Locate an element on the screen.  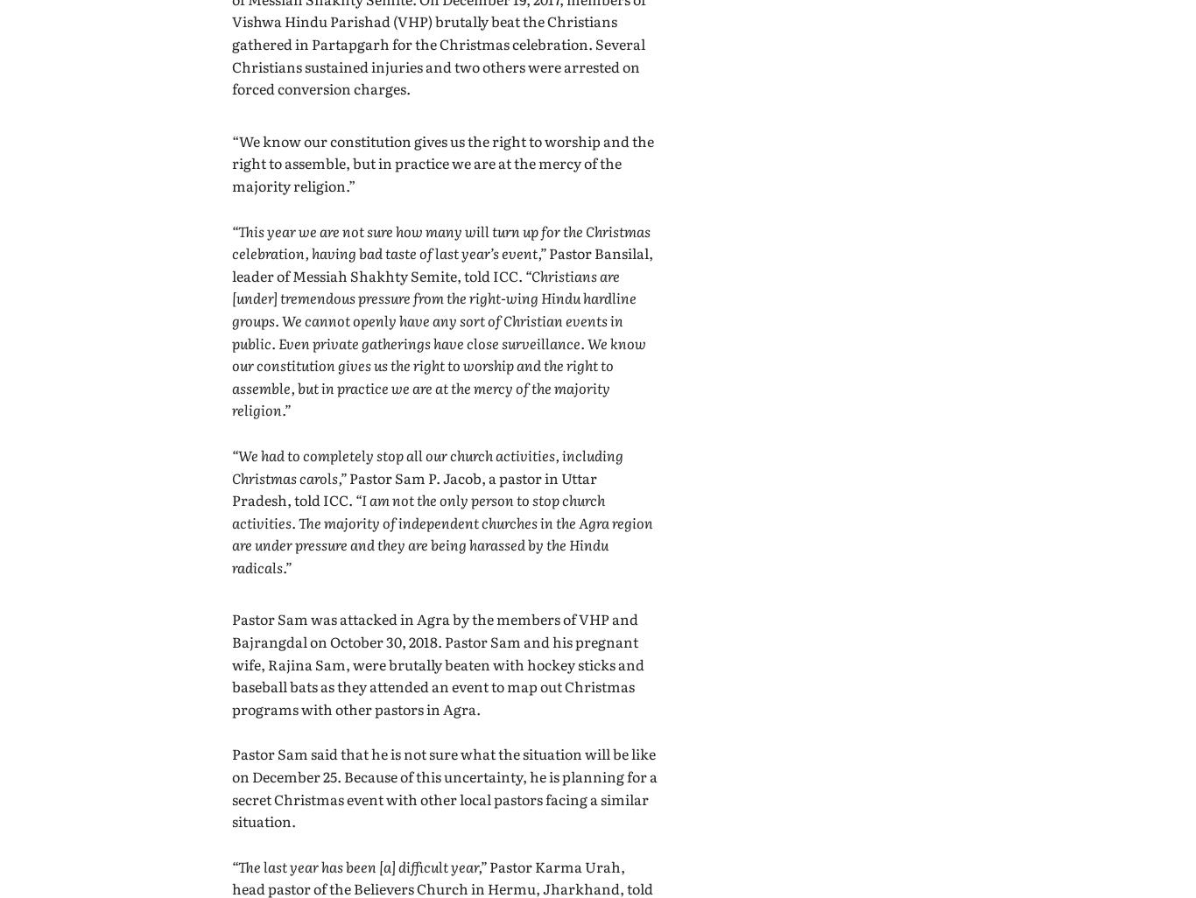
'Pastor Sam P. Jacob, a pastor in Uttar Pradesh, told ICC.' is located at coordinates (232, 488).